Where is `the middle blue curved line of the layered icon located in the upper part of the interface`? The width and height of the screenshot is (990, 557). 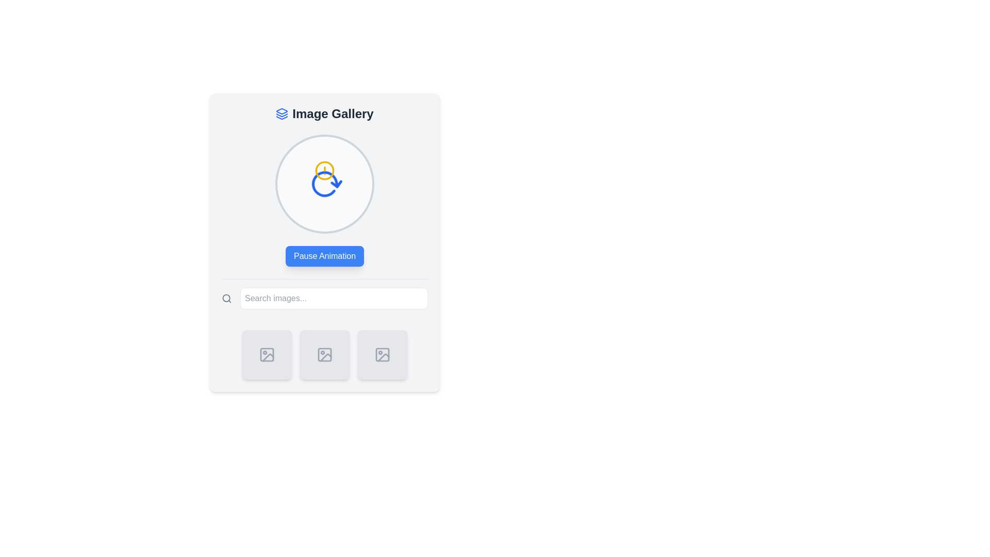
the middle blue curved line of the layered icon located in the upper part of the interface is located at coordinates (282, 115).